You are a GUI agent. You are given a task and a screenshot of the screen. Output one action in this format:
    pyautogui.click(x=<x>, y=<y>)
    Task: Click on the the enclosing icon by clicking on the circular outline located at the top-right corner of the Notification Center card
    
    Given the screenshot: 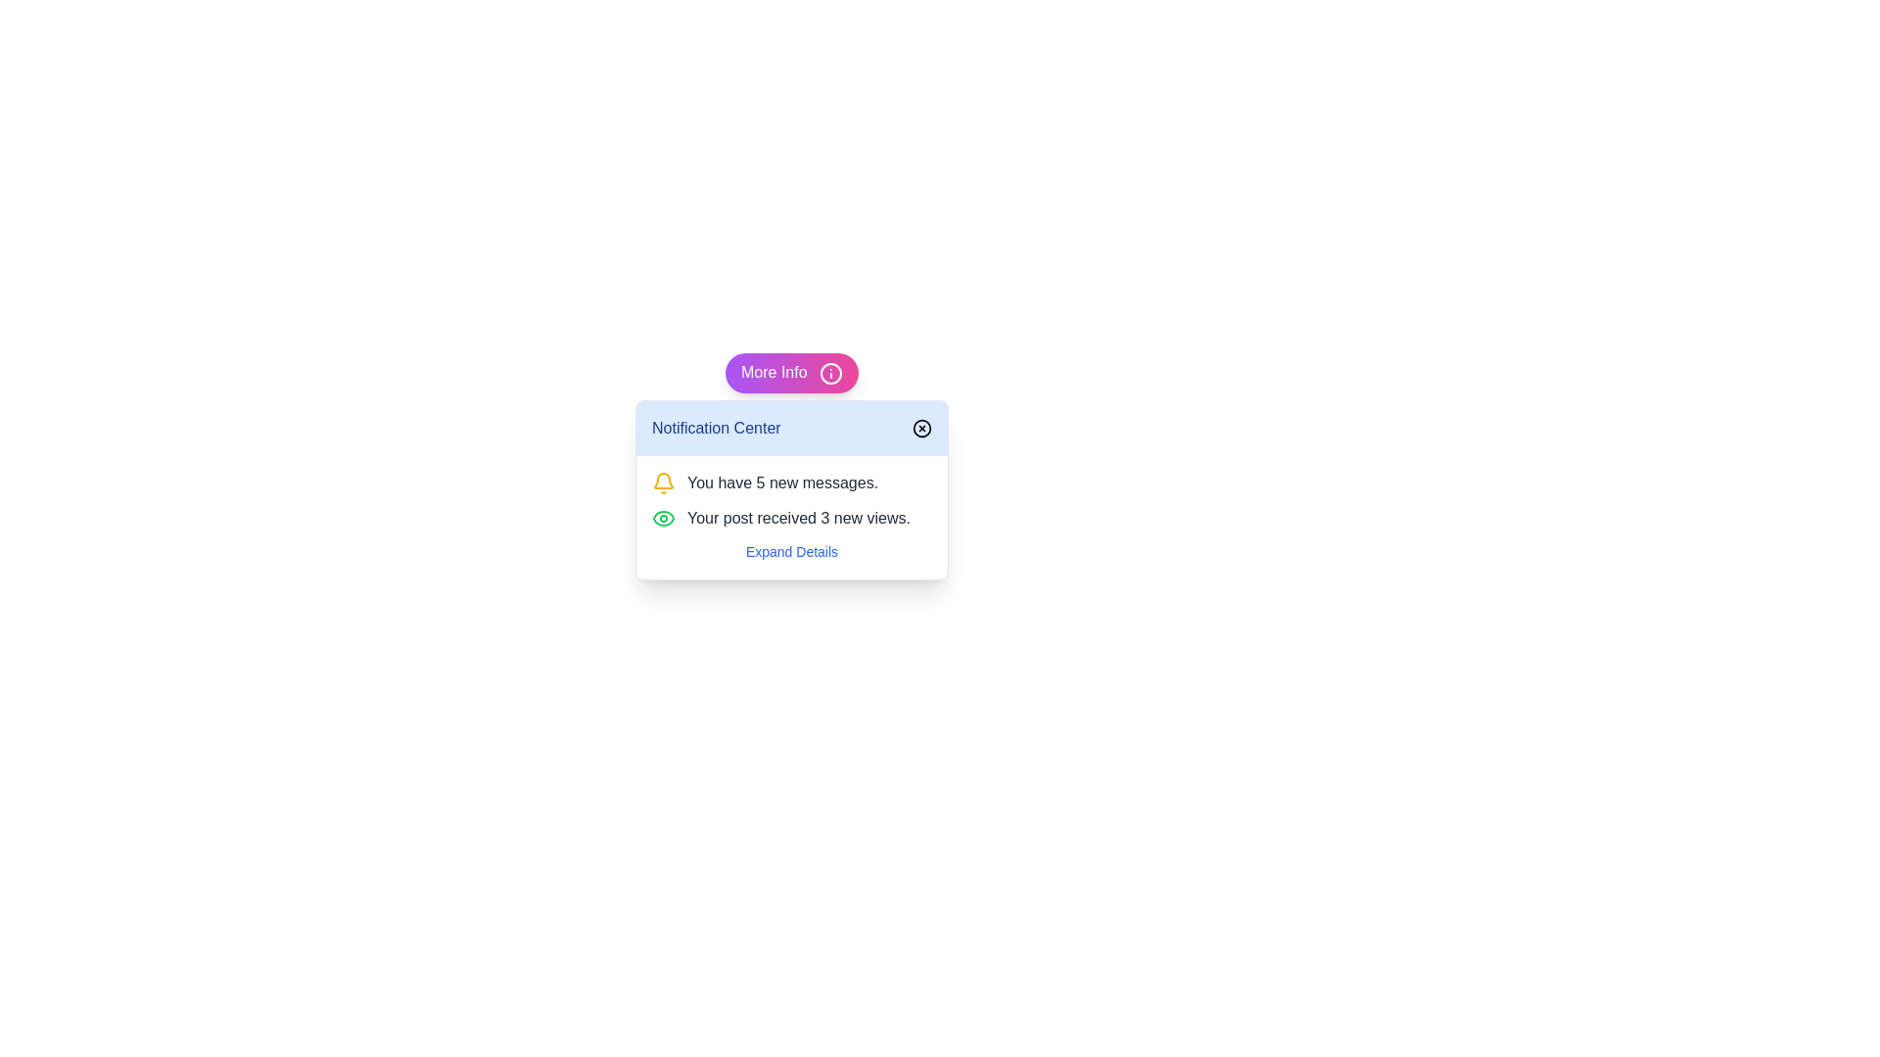 What is the action you would take?
    pyautogui.click(x=920, y=428)
    